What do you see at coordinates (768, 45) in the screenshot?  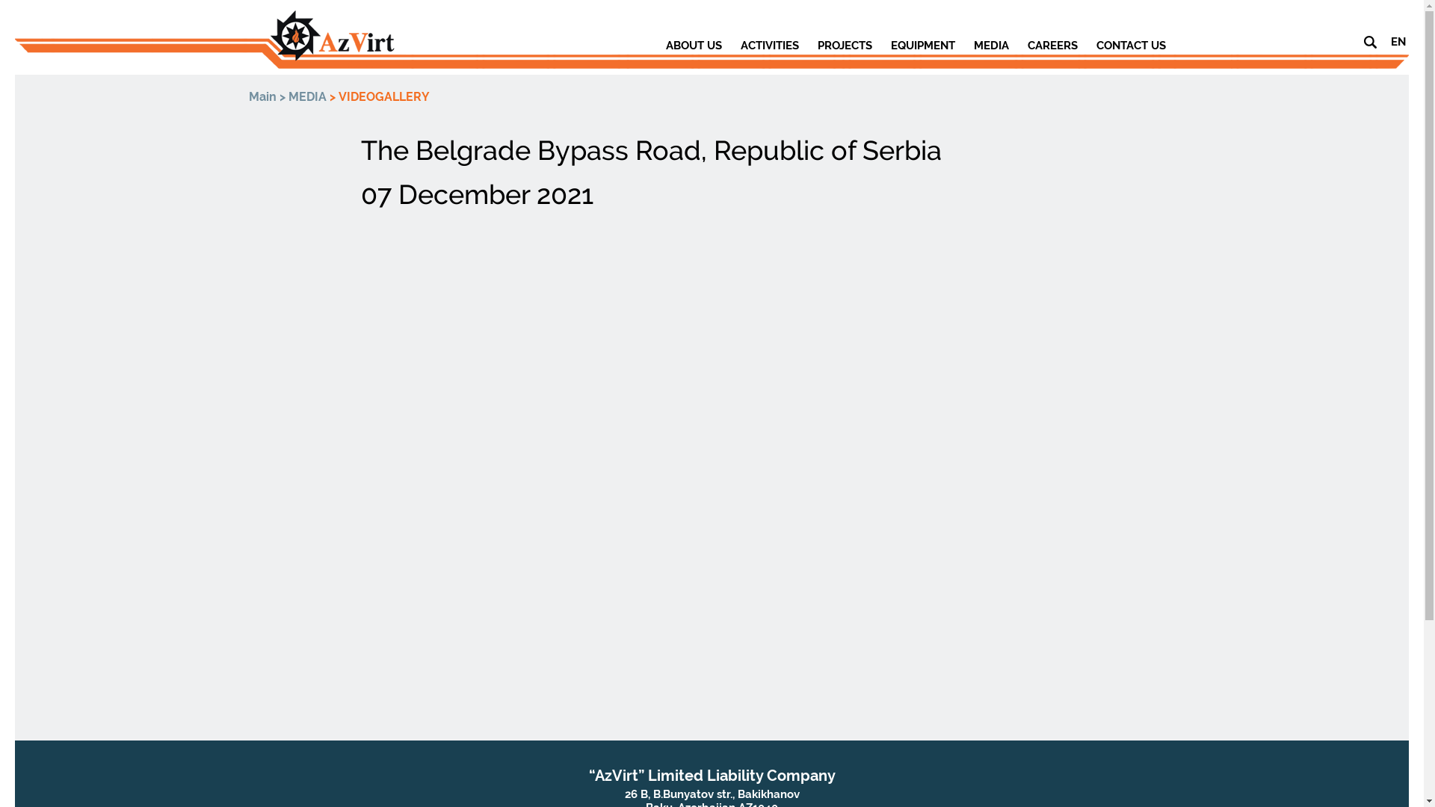 I see `'ACTIVITIES'` at bounding box center [768, 45].